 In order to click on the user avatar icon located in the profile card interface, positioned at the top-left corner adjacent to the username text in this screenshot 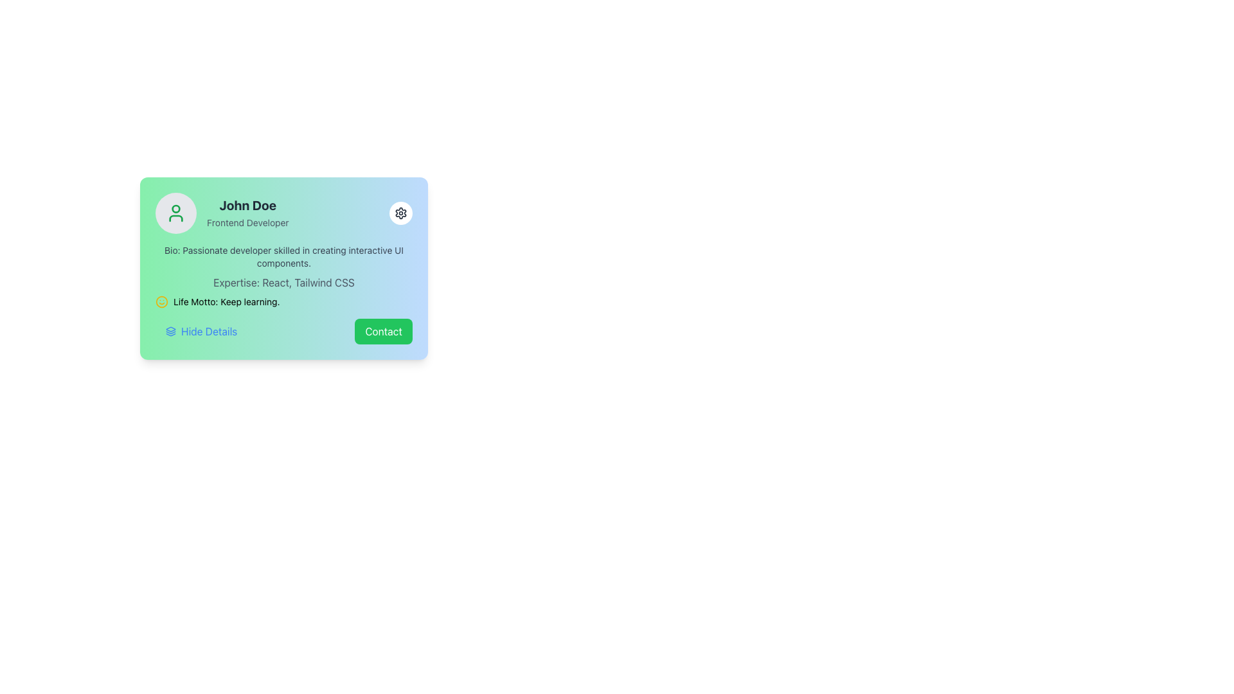, I will do `click(175, 212)`.